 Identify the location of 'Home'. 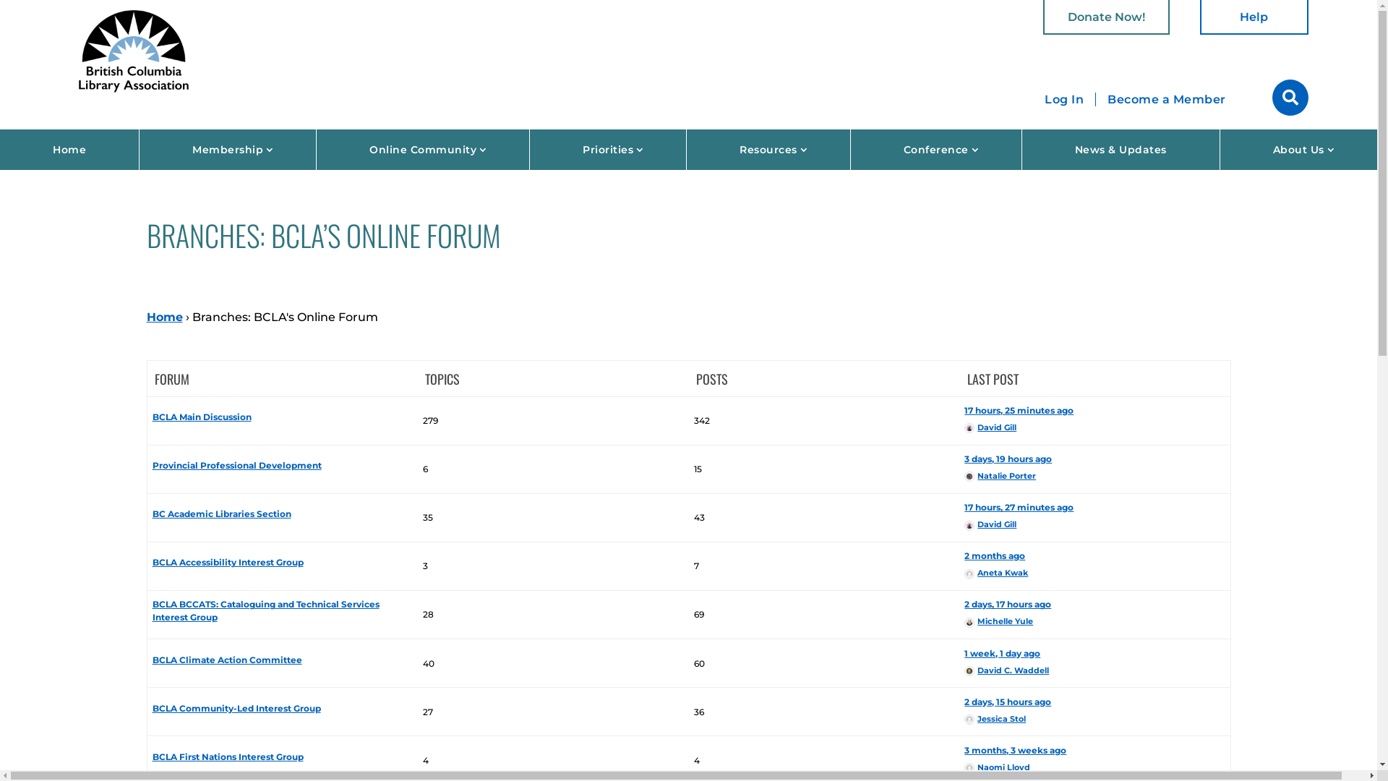
(163, 316).